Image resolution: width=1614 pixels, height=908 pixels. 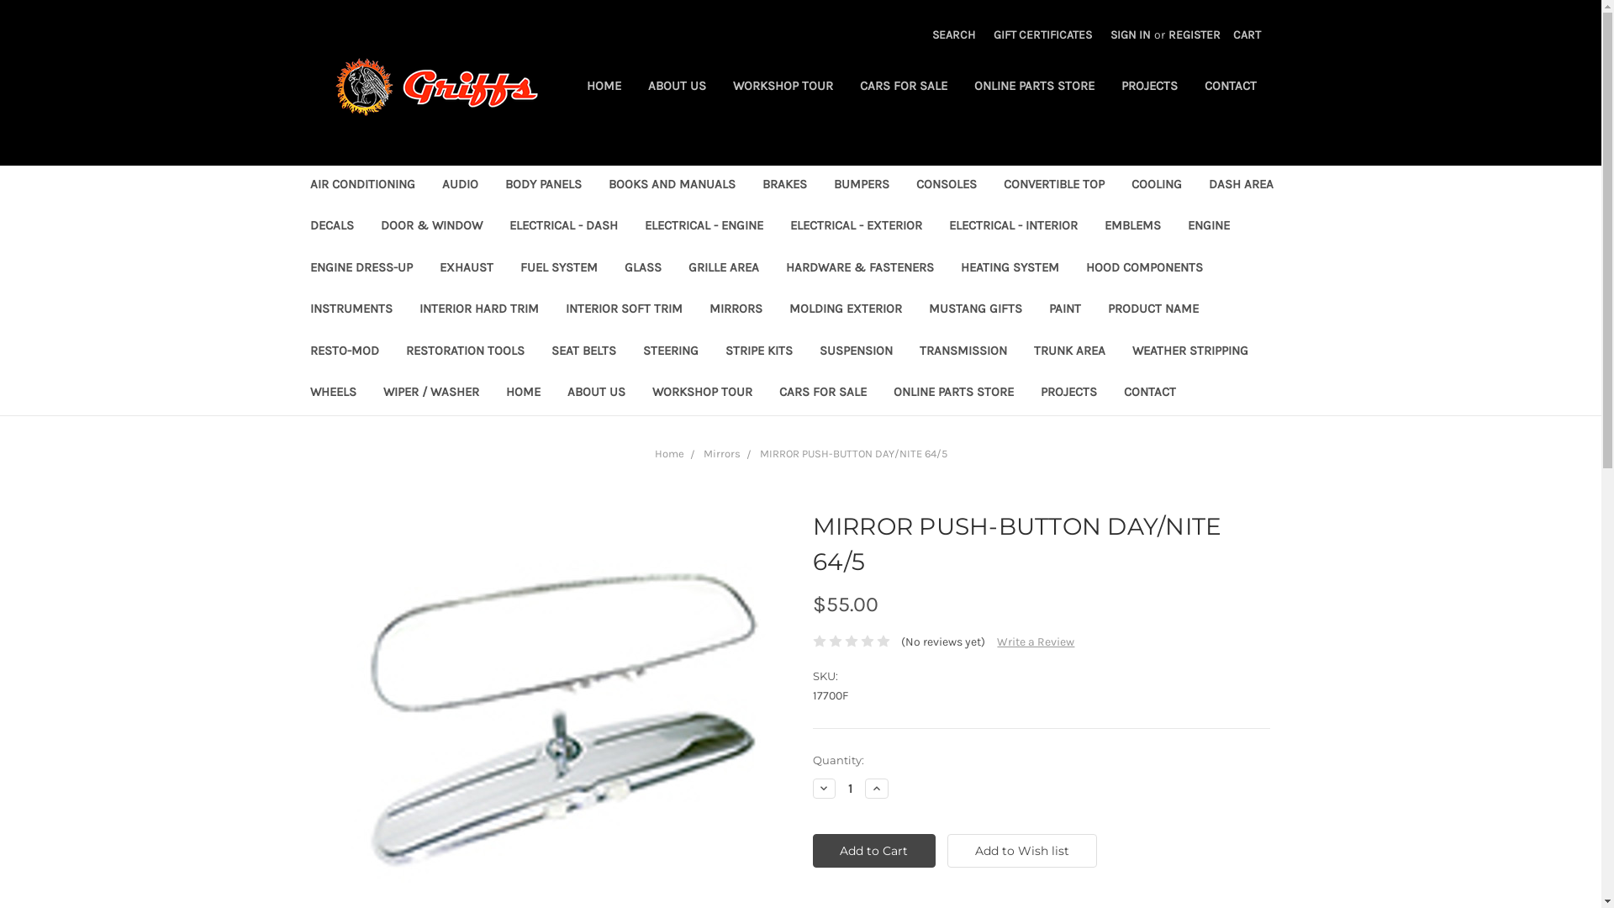 What do you see at coordinates (947, 186) in the screenshot?
I see `'CONSOLES'` at bounding box center [947, 186].